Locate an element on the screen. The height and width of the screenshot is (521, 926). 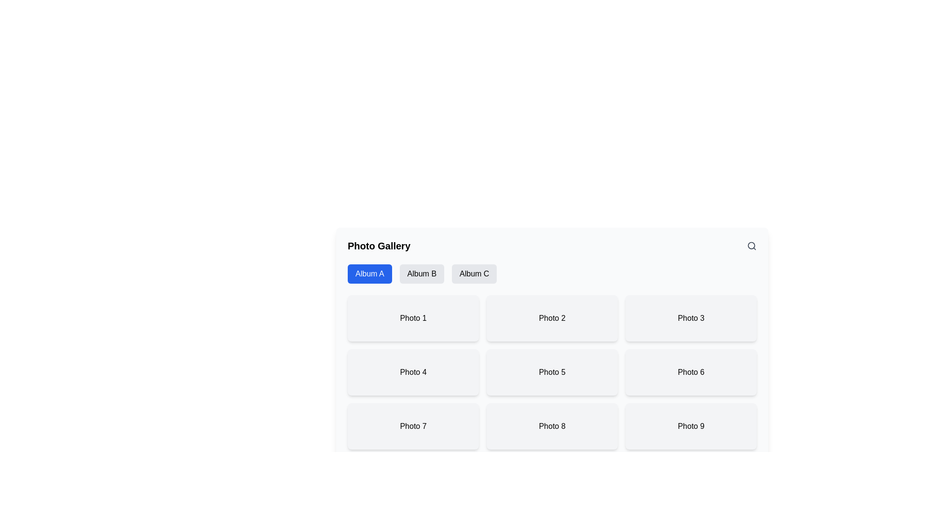
the static label 'Photo 6', which is a rectangular box with a light gray background, rounded corners, and centered black text, located in the second row and third column of a 3x4 grid layout is located at coordinates (691, 371).